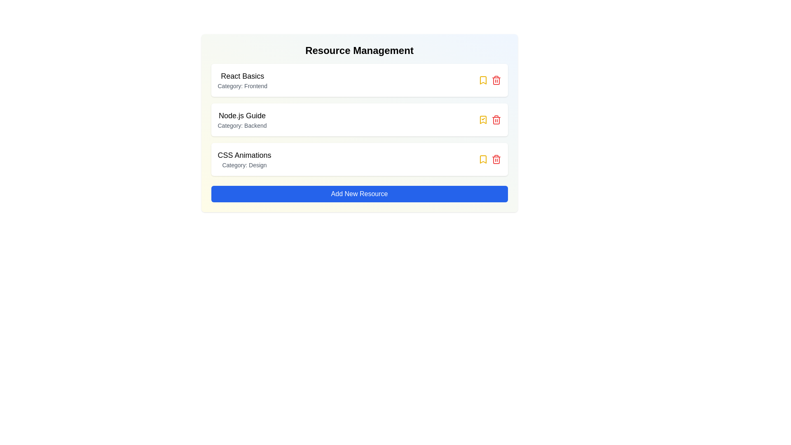 The height and width of the screenshot is (445, 791). Describe the element at coordinates (483, 119) in the screenshot. I see `the bookmark icon of the resource titled 'Node.js Guide'` at that location.